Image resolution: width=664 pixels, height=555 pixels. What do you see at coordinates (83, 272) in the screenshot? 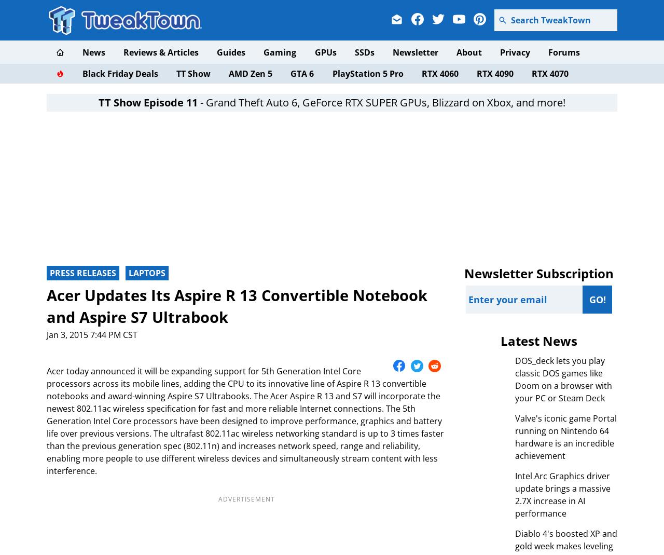
I see `'Press Releases'` at bounding box center [83, 272].